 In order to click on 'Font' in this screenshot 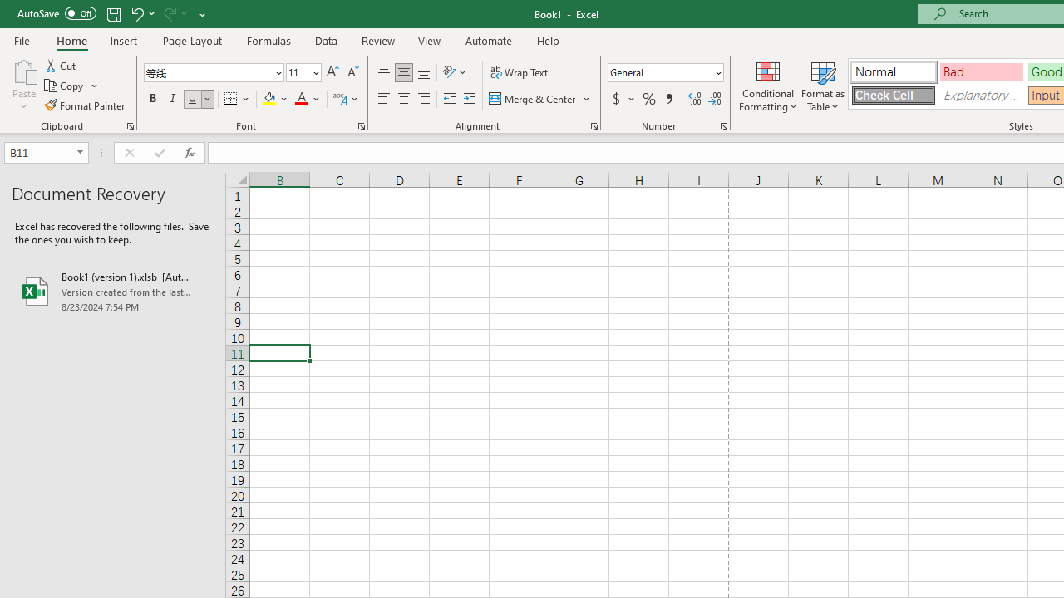, I will do `click(213, 71)`.